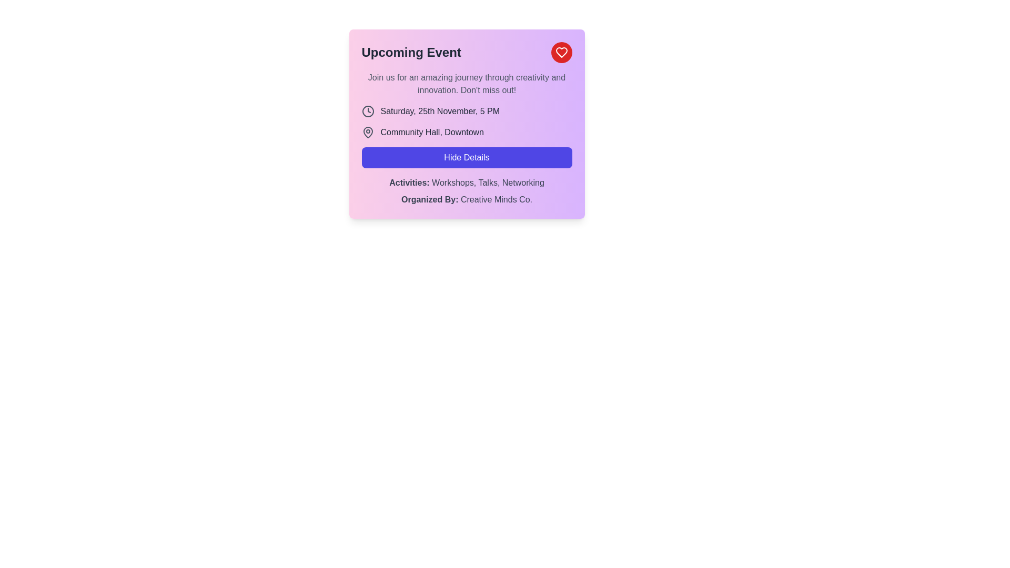 This screenshot has height=568, width=1010. What do you see at coordinates (466, 182) in the screenshot?
I see `text label that displays a summary of activities associated with the event, positioned below the 'Hide Details' button and above 'Organized By: Creative Minds Co.'` at bounding box center [466, 182].